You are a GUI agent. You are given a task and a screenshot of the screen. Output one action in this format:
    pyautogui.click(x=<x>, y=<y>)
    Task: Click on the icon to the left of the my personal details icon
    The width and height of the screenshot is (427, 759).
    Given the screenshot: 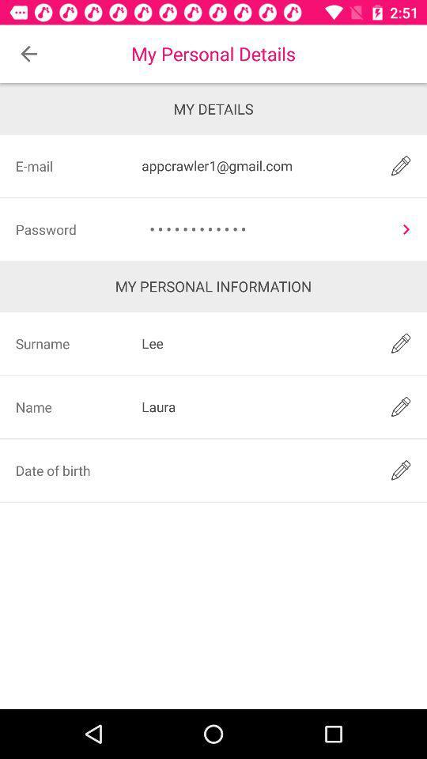 What is the action you would take?
    pyautogui.click(x=28, y=54)
    